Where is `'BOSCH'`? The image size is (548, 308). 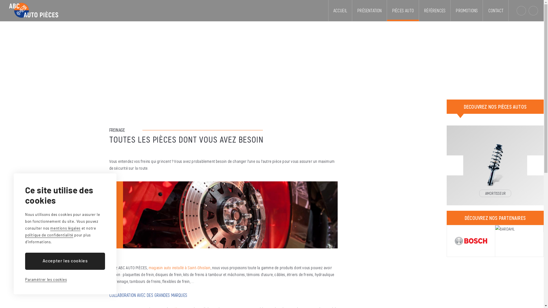
'BOSCH' is located at coordinates (471, 241).